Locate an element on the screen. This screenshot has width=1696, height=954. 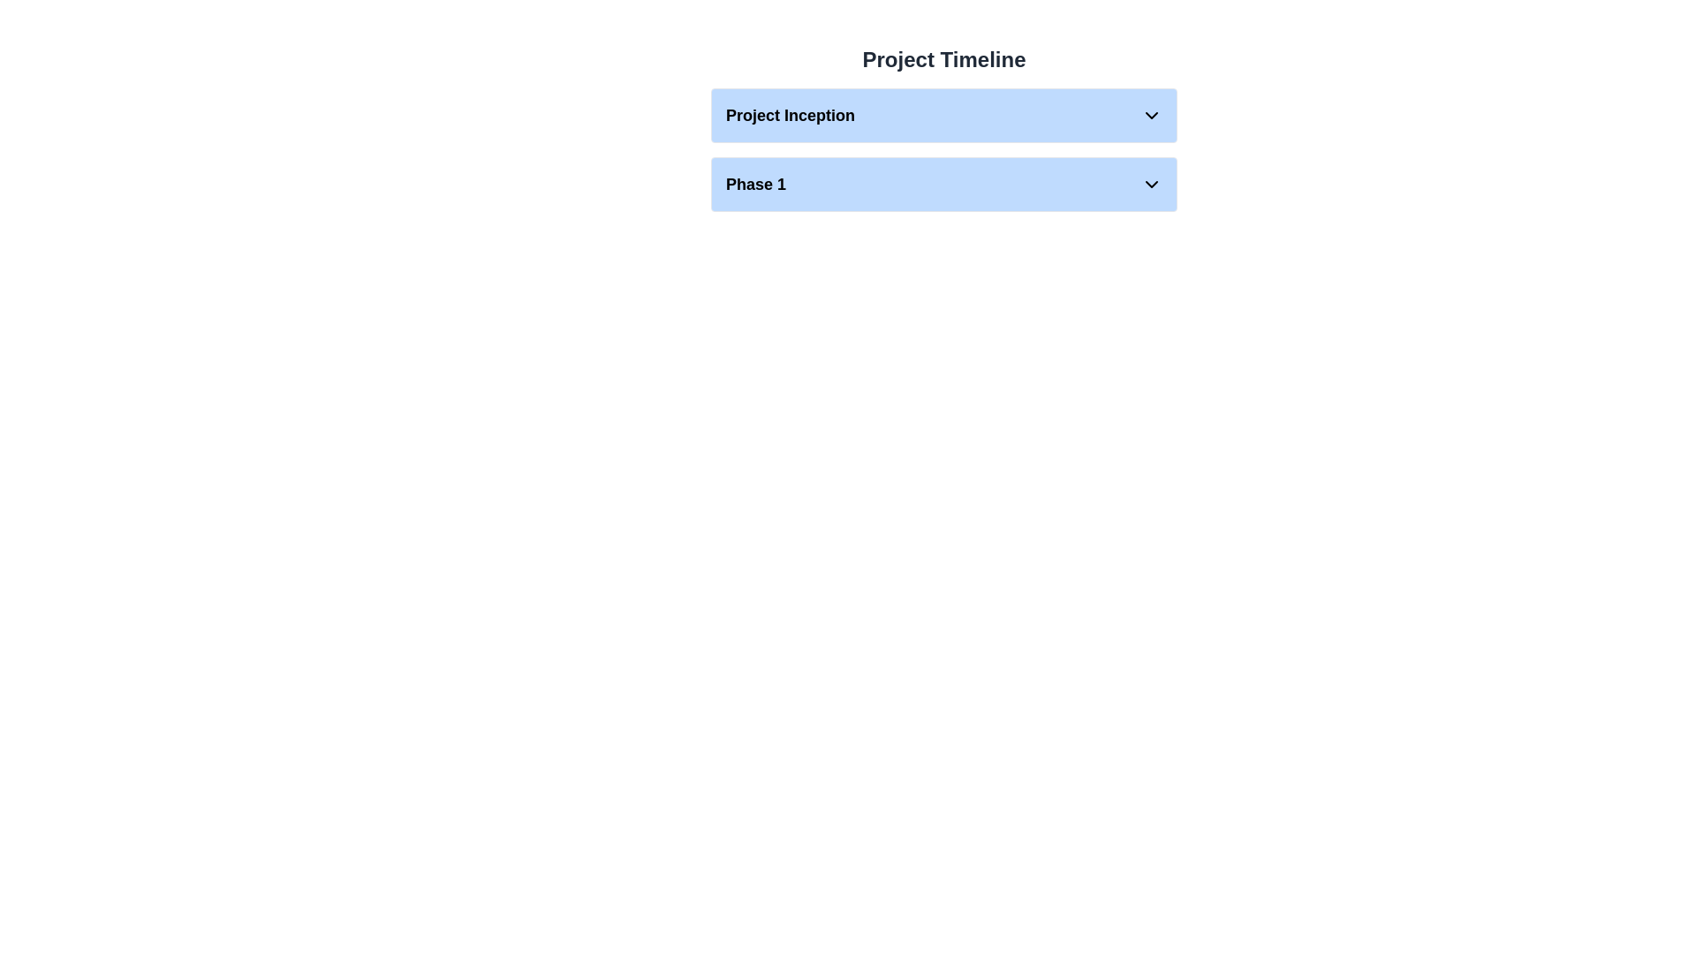
the 'Project Inception' Collapsible Header is located at coordinates (943, 135).